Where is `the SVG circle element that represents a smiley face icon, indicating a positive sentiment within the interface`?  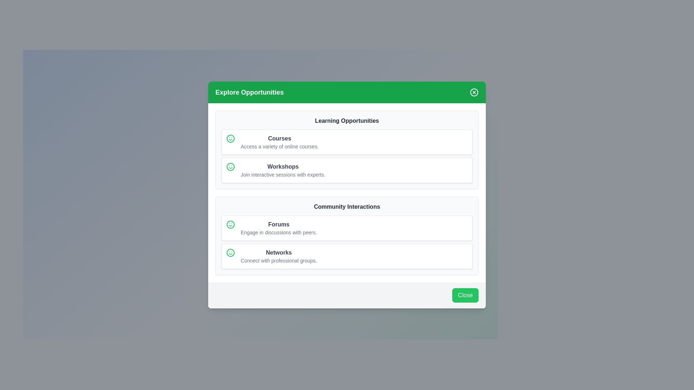
the SVG circle element that represents a smiley face icon, indicating a positive sentiment within the interface is located at coordinates (230, 167).